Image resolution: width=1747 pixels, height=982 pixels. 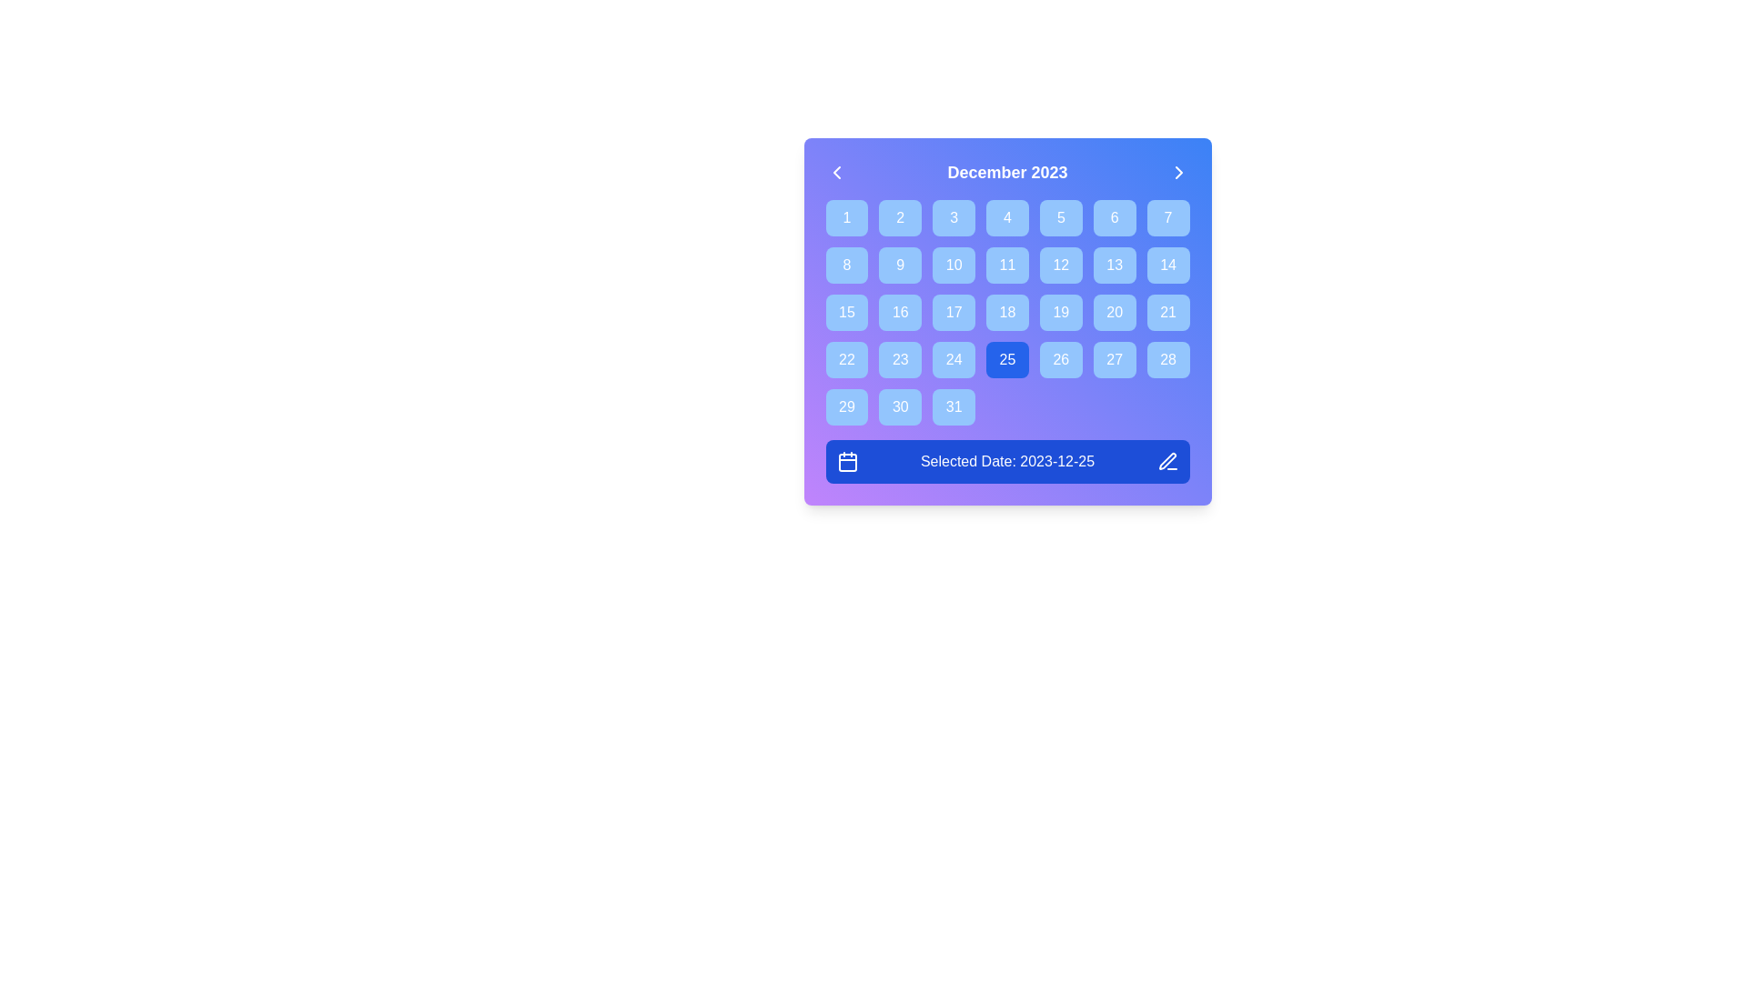 I want to click on the selectable day button for December 25, 2023, in the calendar component, so click(x=1006, y=360).